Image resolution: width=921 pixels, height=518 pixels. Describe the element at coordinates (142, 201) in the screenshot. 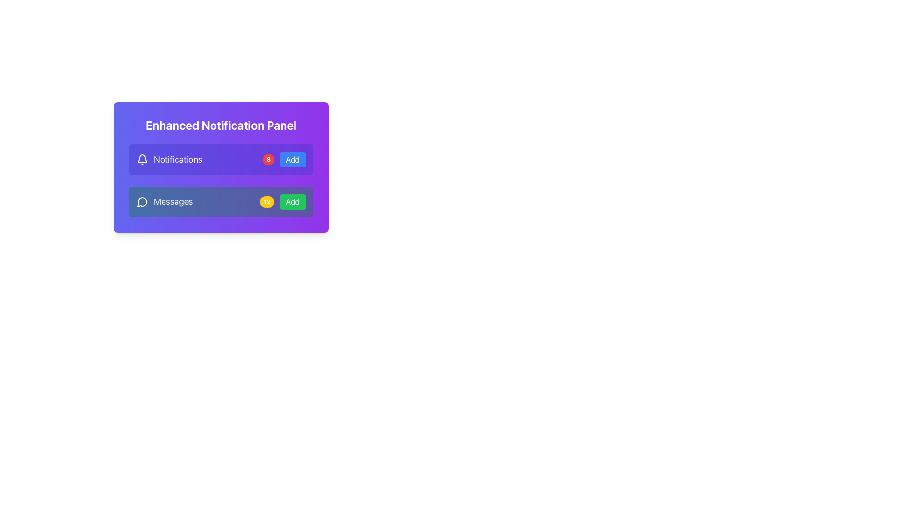

I see `the circular message bubble icon located in the 'Messages' section, to the left of the 'Messages' label and numerical badge` at that location.